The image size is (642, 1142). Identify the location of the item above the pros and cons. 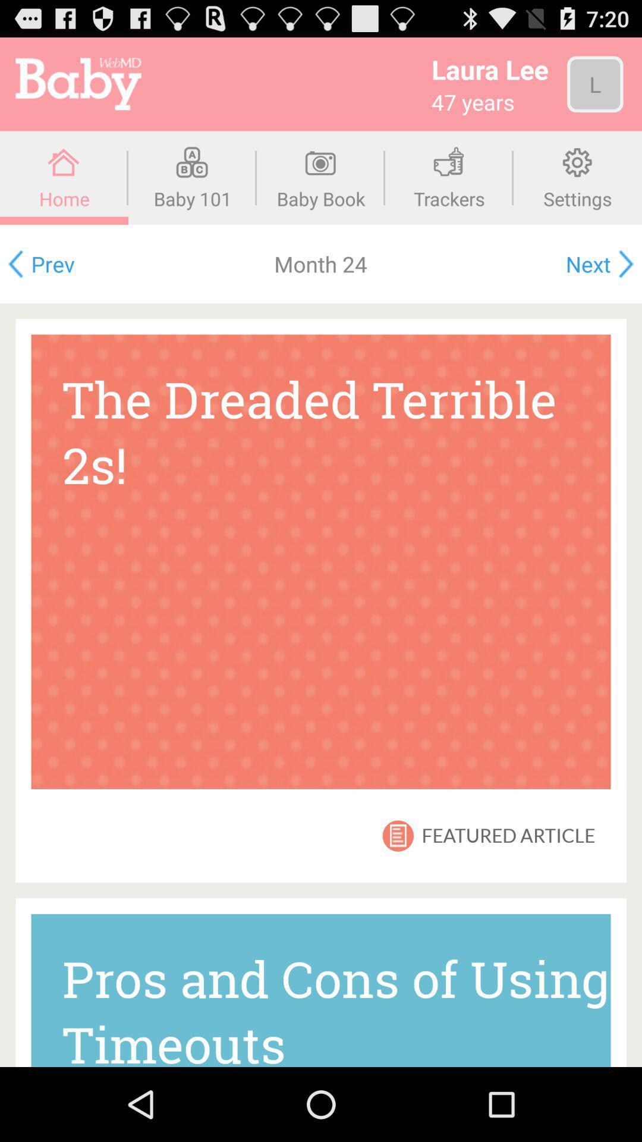
(508, 835).